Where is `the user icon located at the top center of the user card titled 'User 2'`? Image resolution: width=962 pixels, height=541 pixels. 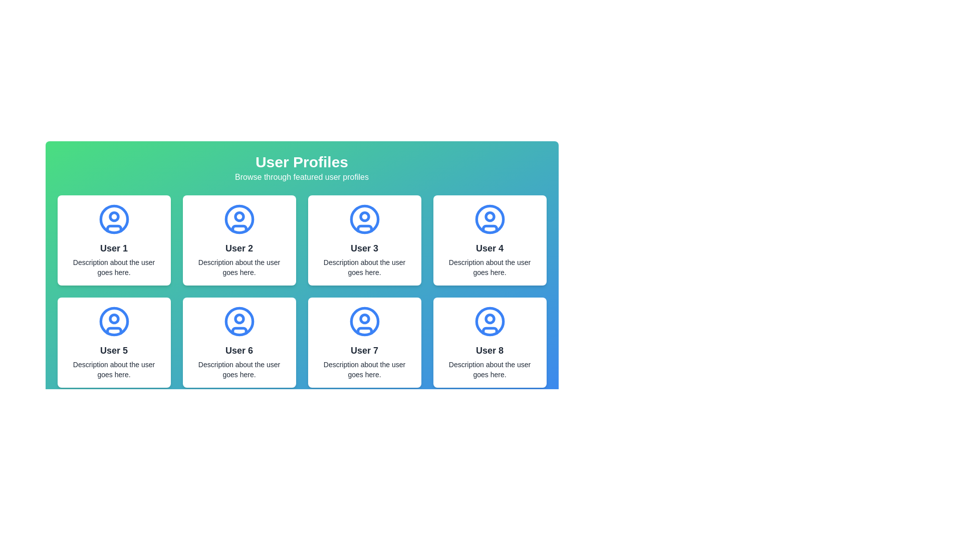
the user icon located at the top center of the user card titled 'User 2' is located at coordinates (238, 219).